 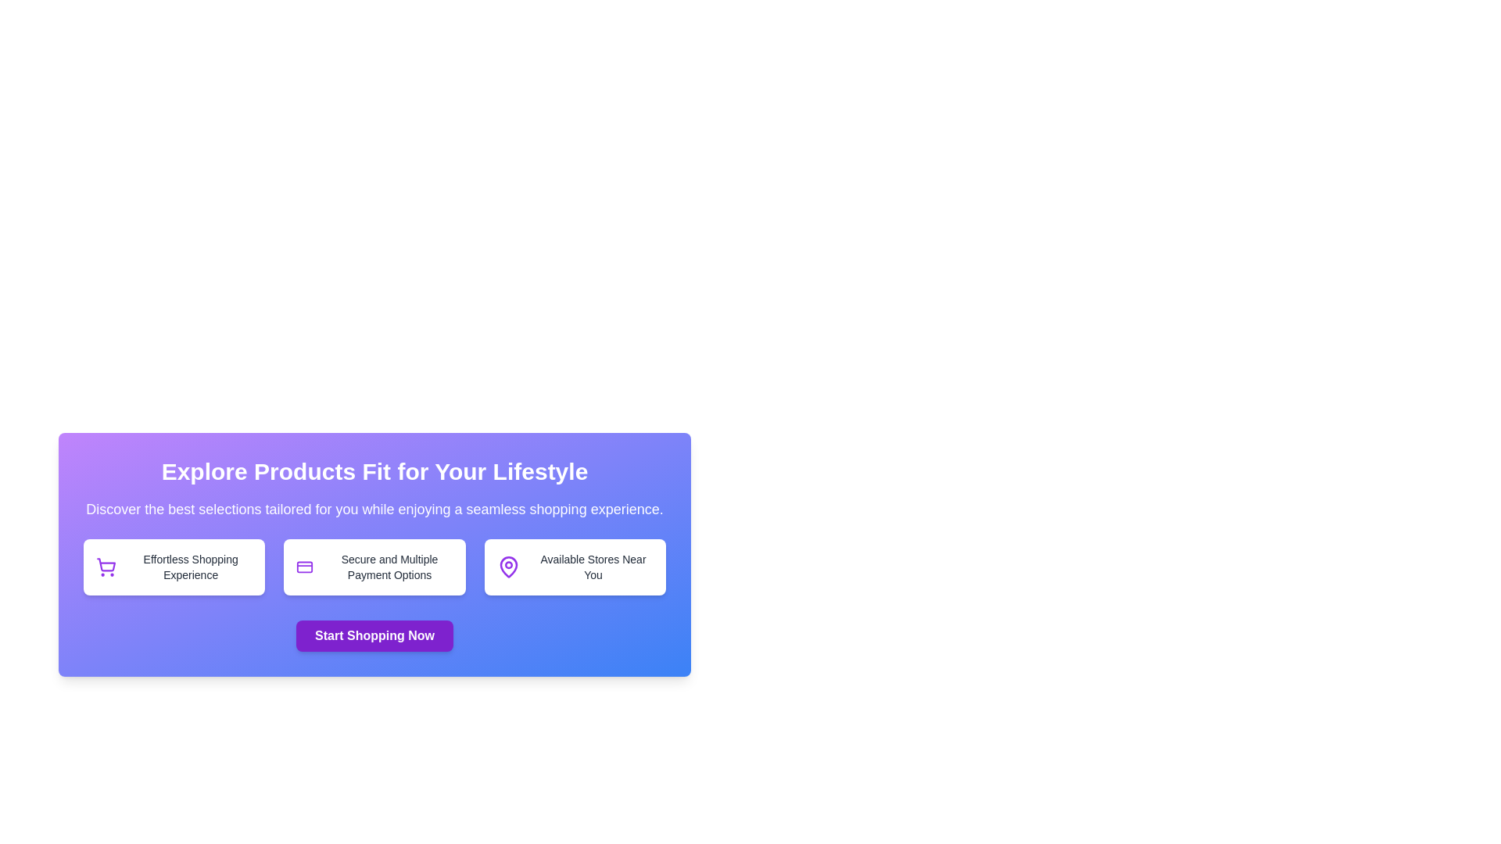 What do you see at coordinates (106, 564) in the screenshot?
I see `the shopping cart icon` at bounding box center [106, 564].